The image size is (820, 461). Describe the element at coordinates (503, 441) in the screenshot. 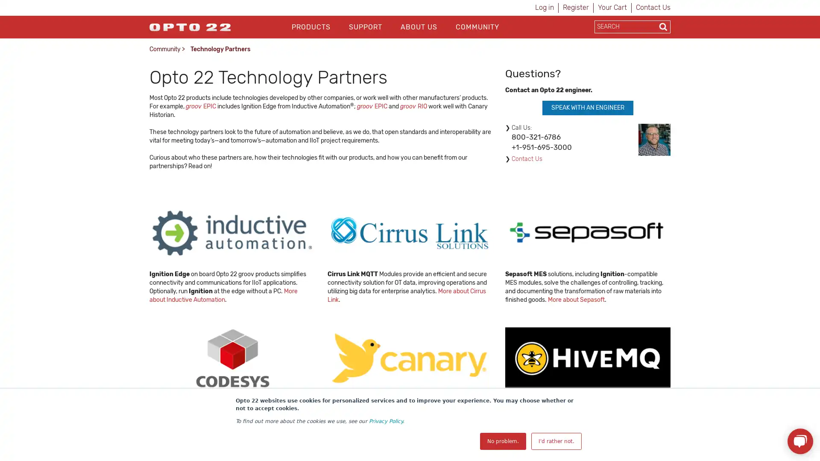

I see `No problem.` at that location.